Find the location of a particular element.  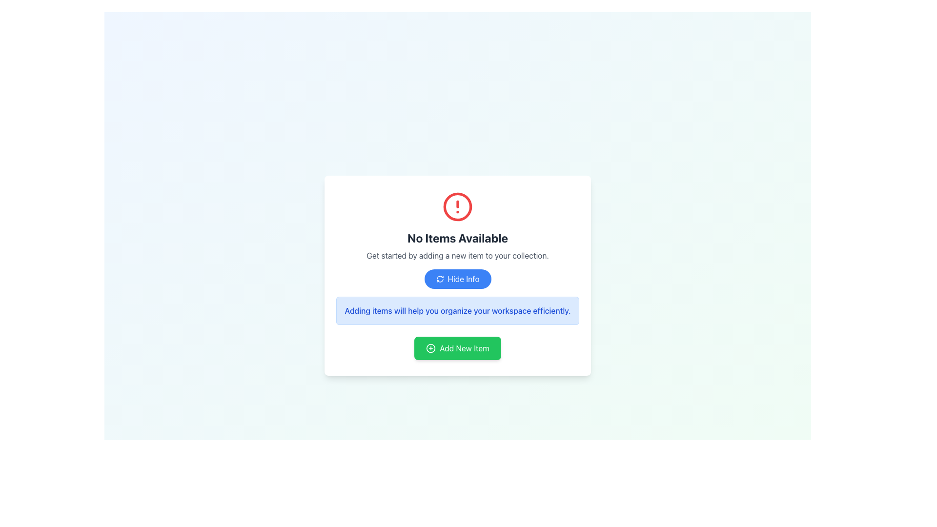

the circular refresh icon located to the left of the 'Hide Info' button on the main interface is located at coordinates (439, 279).